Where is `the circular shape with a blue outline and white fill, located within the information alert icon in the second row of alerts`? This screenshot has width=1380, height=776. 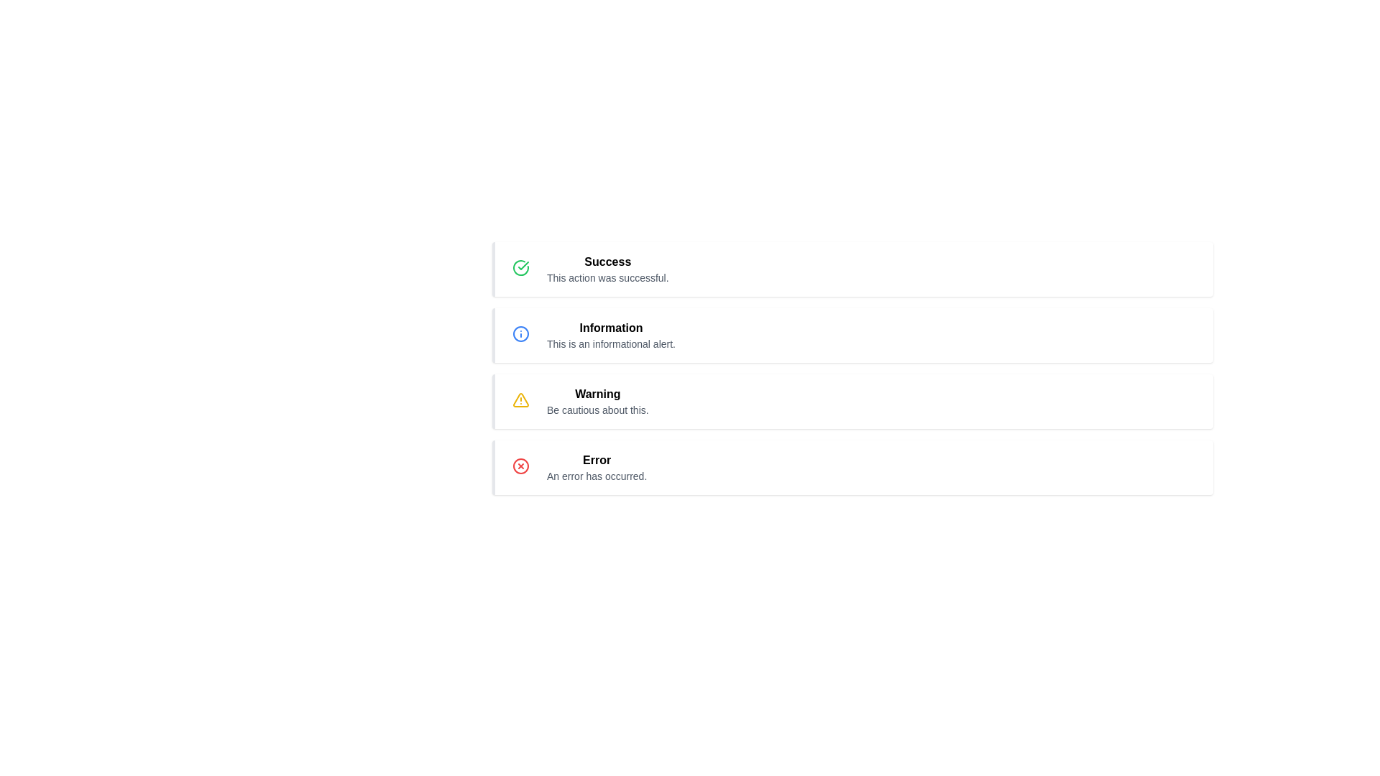 the circular shape with a blue outline and white fill, located within the information alert icon in the second row of alerts is located at coordinates (520, 334).